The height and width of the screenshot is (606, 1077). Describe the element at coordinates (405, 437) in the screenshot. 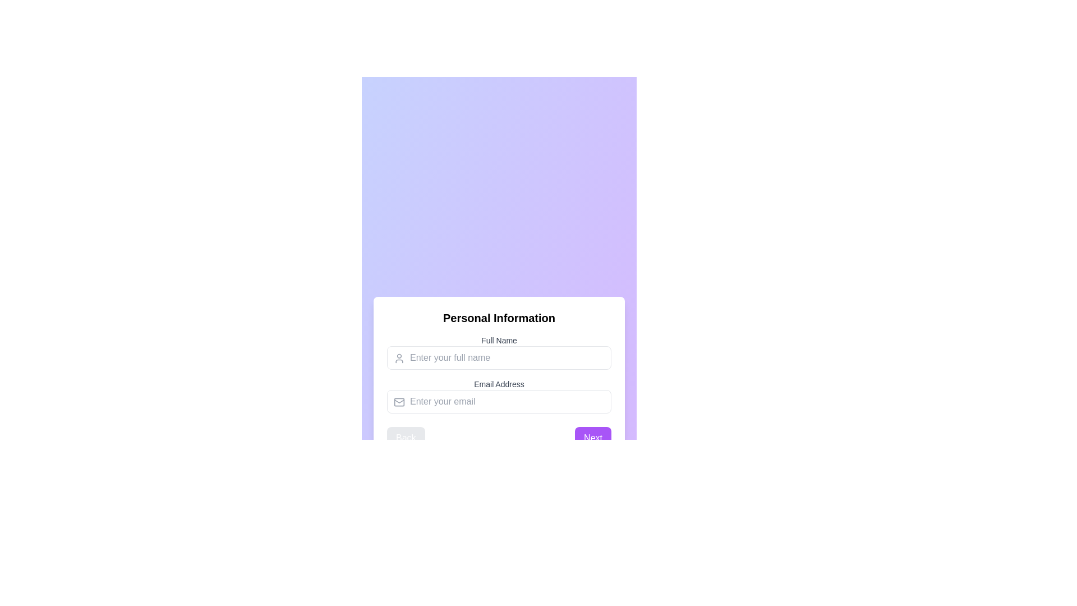

I see `the 'Back' button, which is a light gray rectangular button with rounded corners located near the bottom-left corner of the form section` at that location.